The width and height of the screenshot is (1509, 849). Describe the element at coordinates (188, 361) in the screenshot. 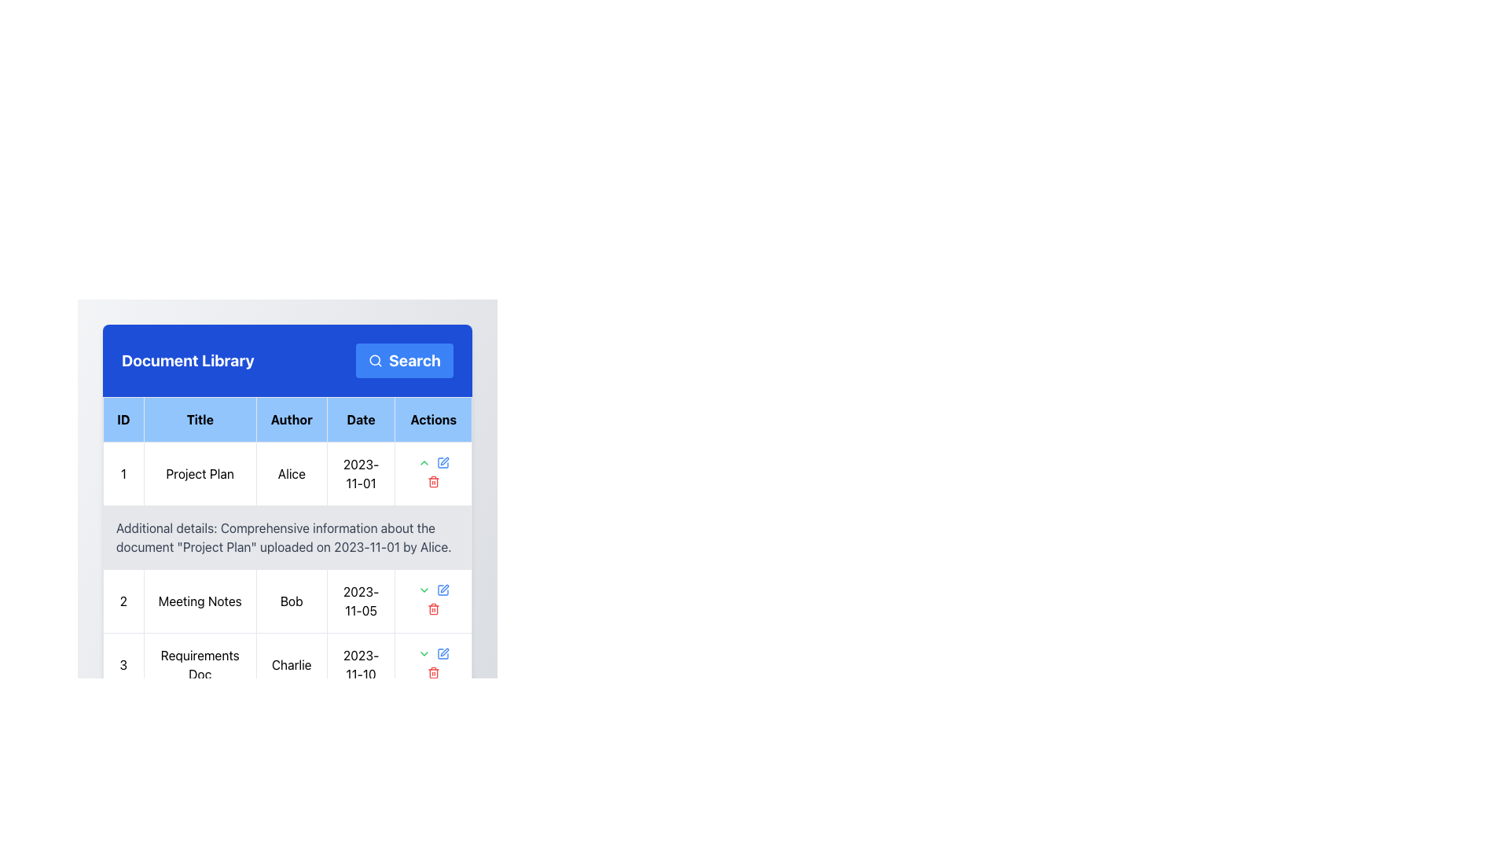

I see `the 'Document Library' text label, which is a bold white text on a blue background located in the left-middle portion of a blue header bar` at that location.